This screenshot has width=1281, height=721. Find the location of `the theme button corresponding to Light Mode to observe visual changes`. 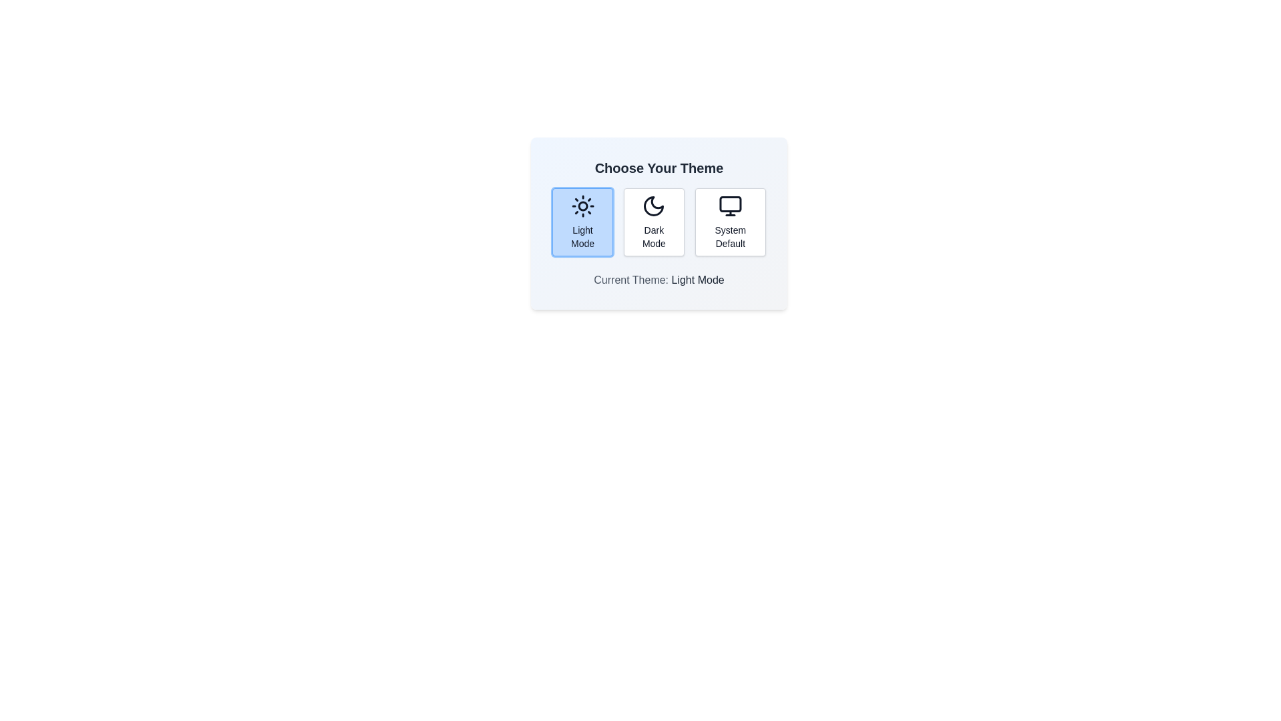

the theme button corresponding to Light Mode to observe visual changes is located at coordinates (582, 221).